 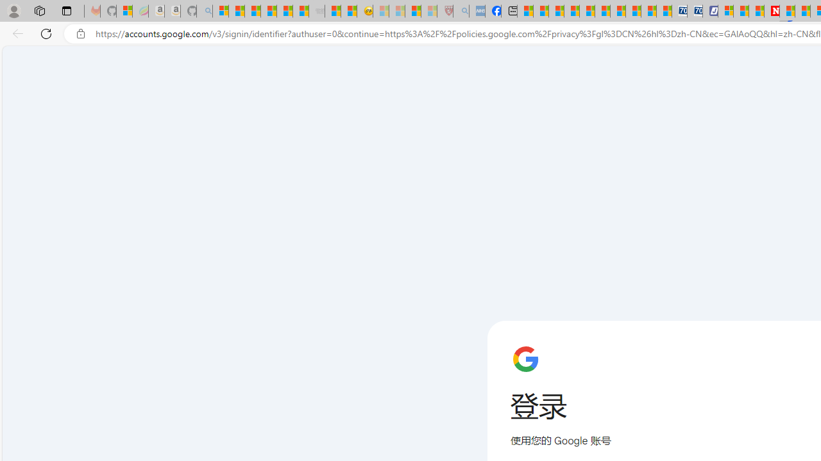 What do you see at coordinates (284, 11) in the screenshot?
I see `'New Report Confirms 2023 Was Record Hot | Watch'` at bounding box center [284, 11].